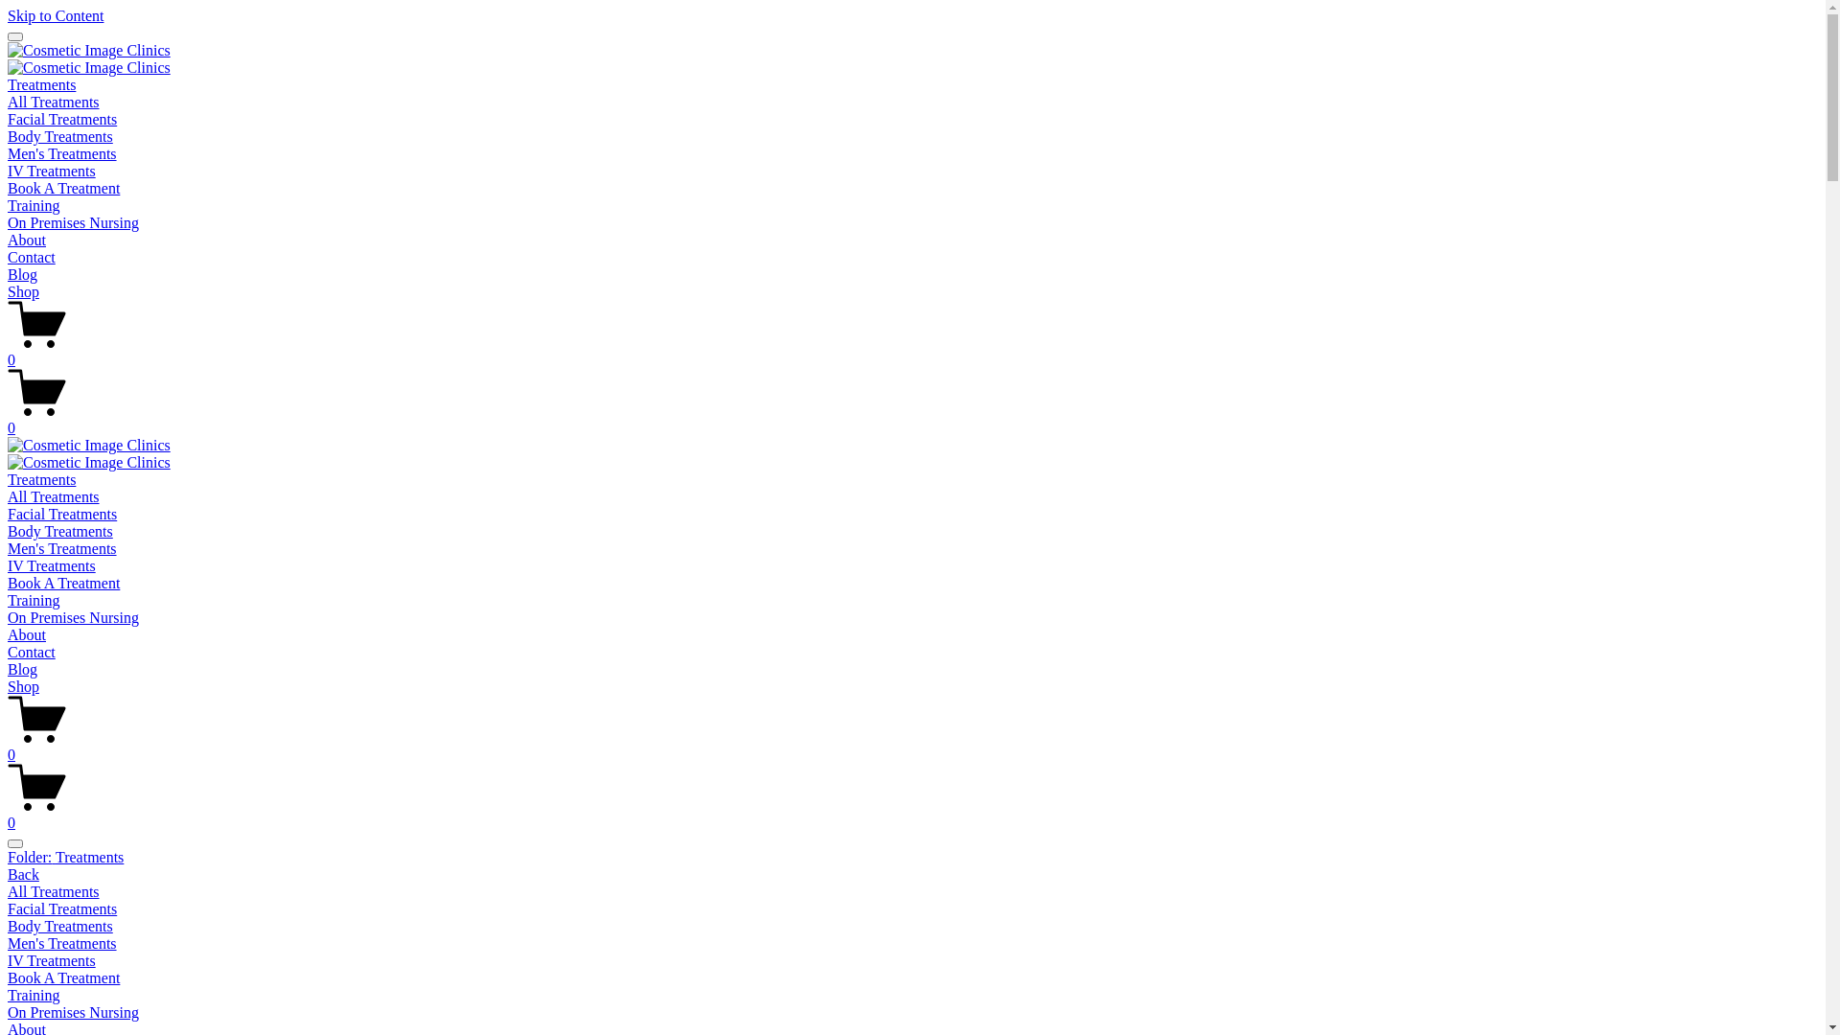  I want to click on '0', so click(8, 814).